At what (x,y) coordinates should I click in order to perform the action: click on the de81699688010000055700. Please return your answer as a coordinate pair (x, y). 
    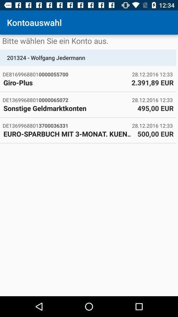
    Looking at the image, I should click on (67, 74).